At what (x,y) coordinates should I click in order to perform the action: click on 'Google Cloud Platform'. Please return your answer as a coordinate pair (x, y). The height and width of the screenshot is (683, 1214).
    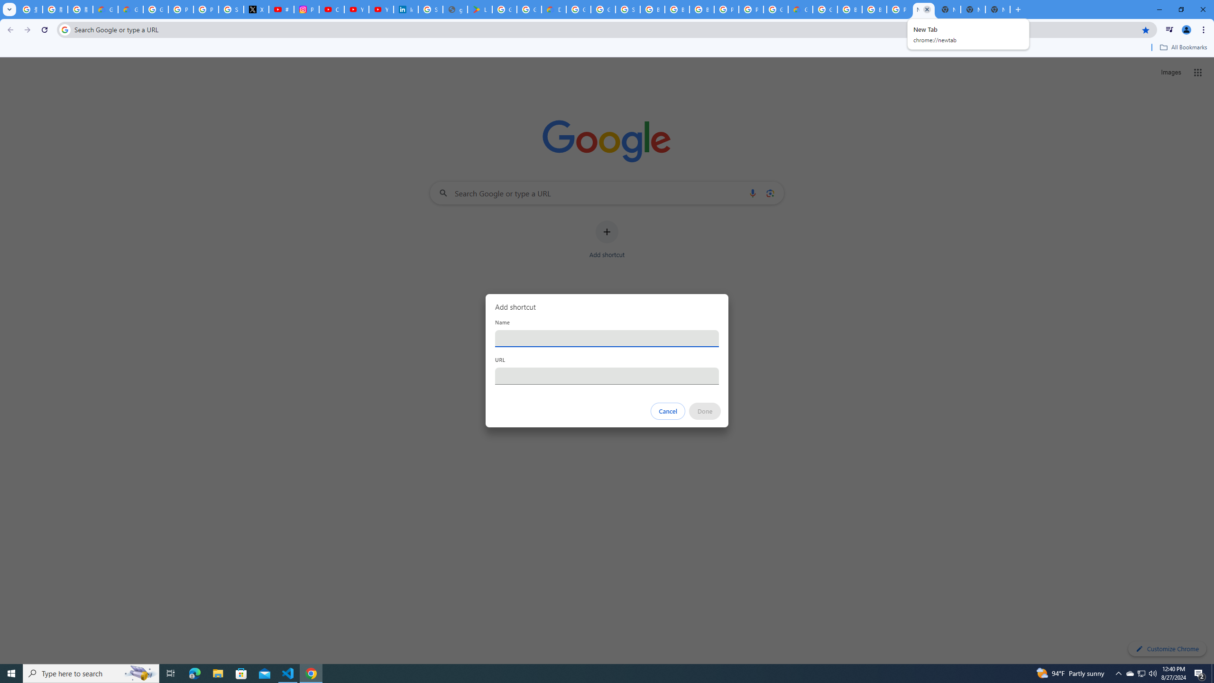
    Looking at the image, I should click on (824, 9).